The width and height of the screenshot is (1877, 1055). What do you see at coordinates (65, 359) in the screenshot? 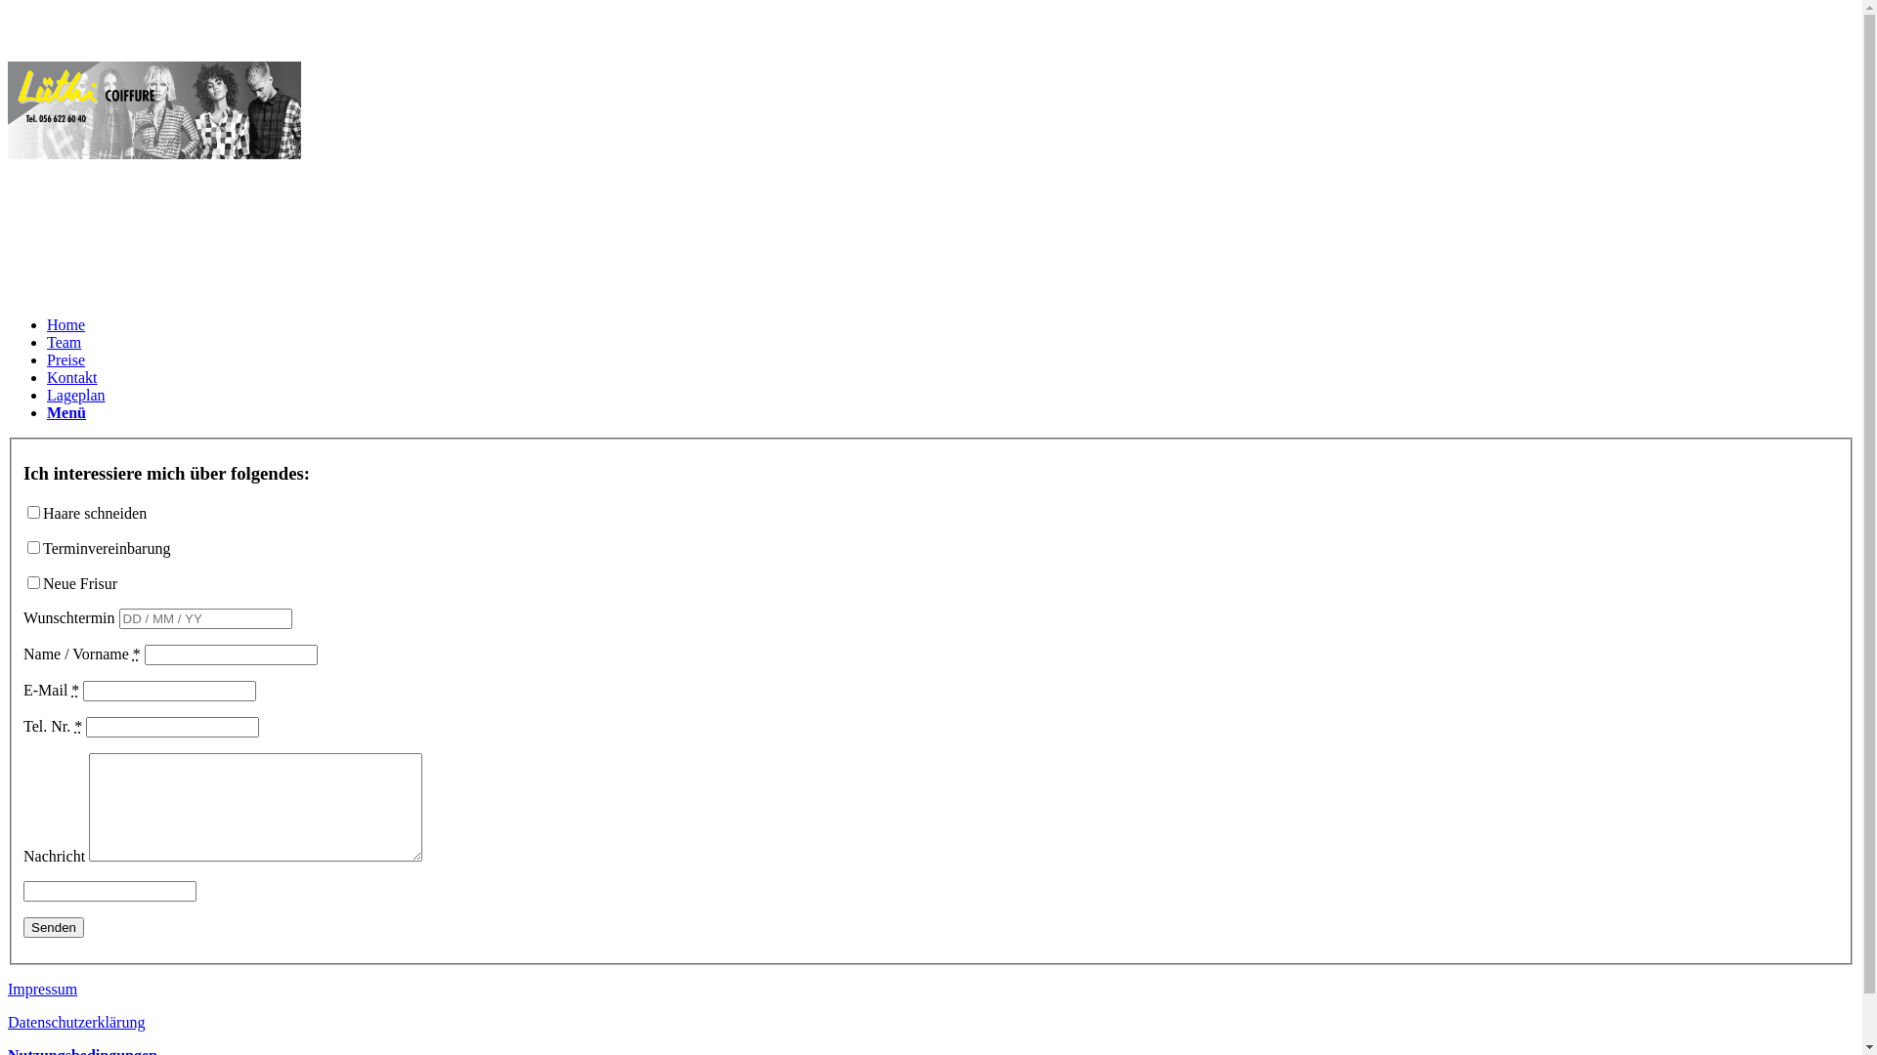
I see `'Preise'` at bounding box center [65, 359].